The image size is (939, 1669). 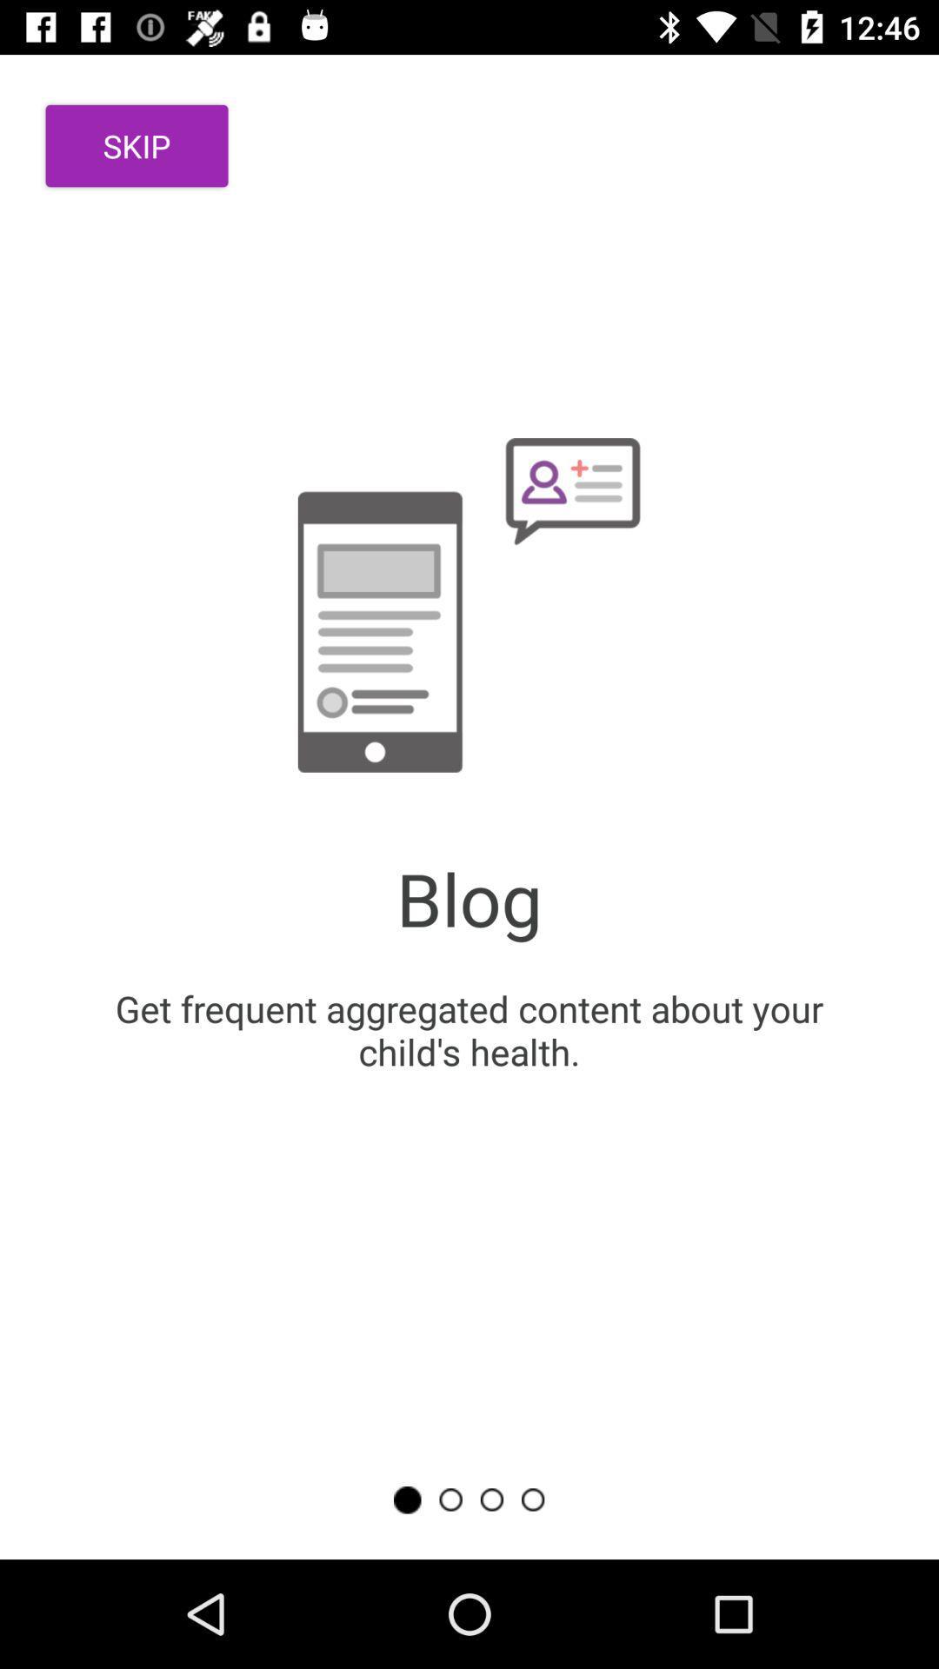 What do you see at coordinates (136, 146) in the screenshot?
I see `skip item` at bounding box center [136, 146].